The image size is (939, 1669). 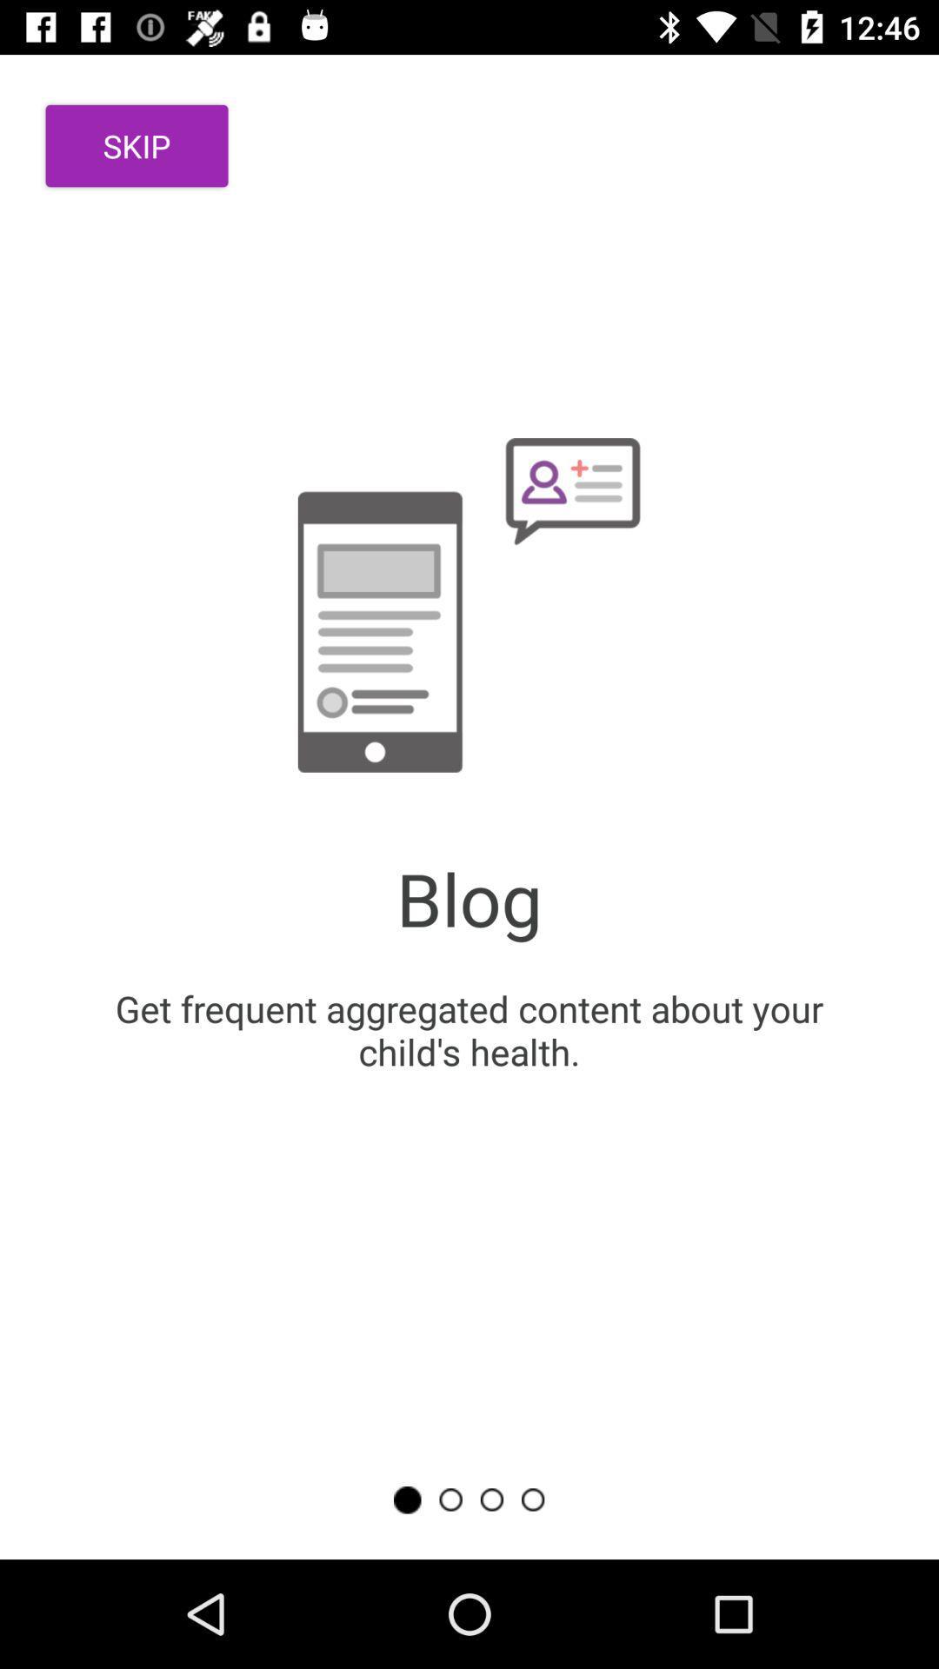 What do you see at coordinates (136, 146) in the screenshot?
I see `skip item` at bounding box center [136, 146].